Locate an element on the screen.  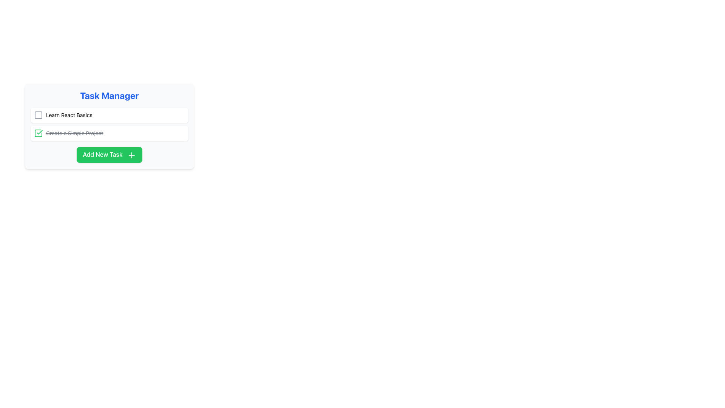
the checkbox indicator for the task labeled 'Learn React Basics', which is positioned at the beginning of its row, horizontally aligned to the left of the task text is located at coordinates (38, 115).